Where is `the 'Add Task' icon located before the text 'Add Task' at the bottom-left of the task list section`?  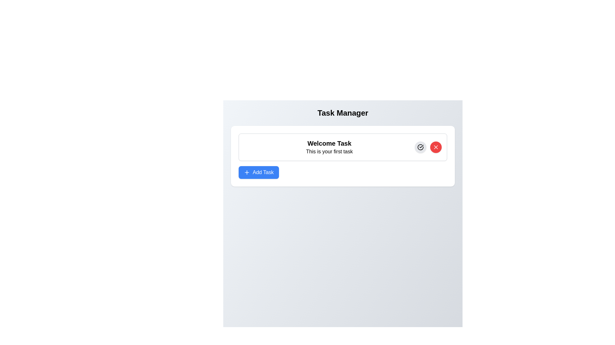 the 'Add Task' icon located before the text 'Add Task' at the bottom-left of the task list section is located at coordinates (247, 172).